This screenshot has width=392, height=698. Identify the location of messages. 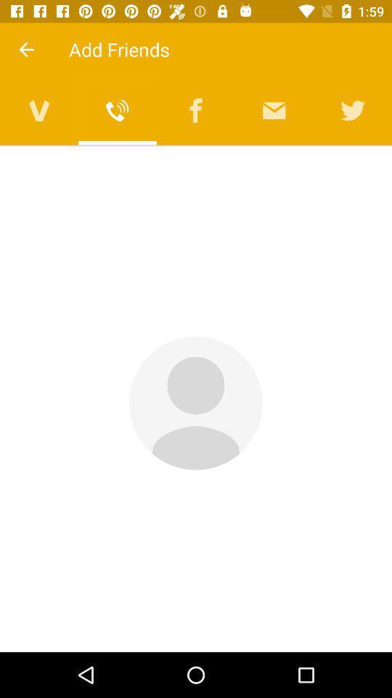
(274, 110).